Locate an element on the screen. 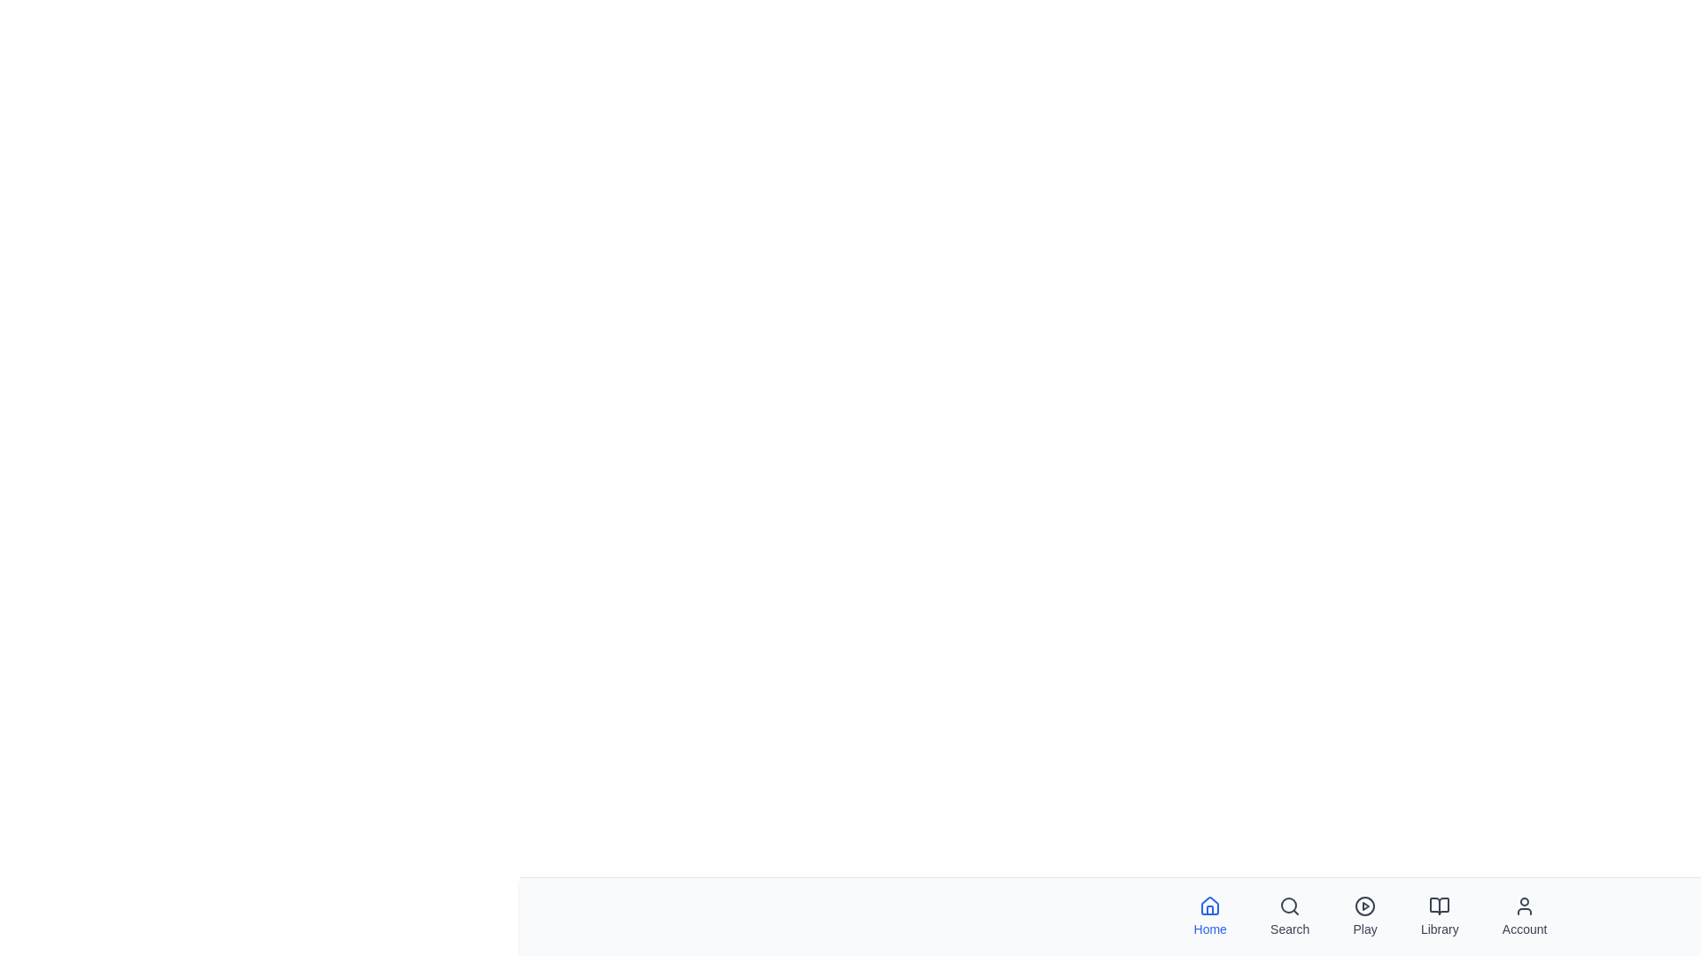 The height and width of the screenshot is (956, 1701). the Home tab to observe its visual feedback is located at coordinates (1209, 916).